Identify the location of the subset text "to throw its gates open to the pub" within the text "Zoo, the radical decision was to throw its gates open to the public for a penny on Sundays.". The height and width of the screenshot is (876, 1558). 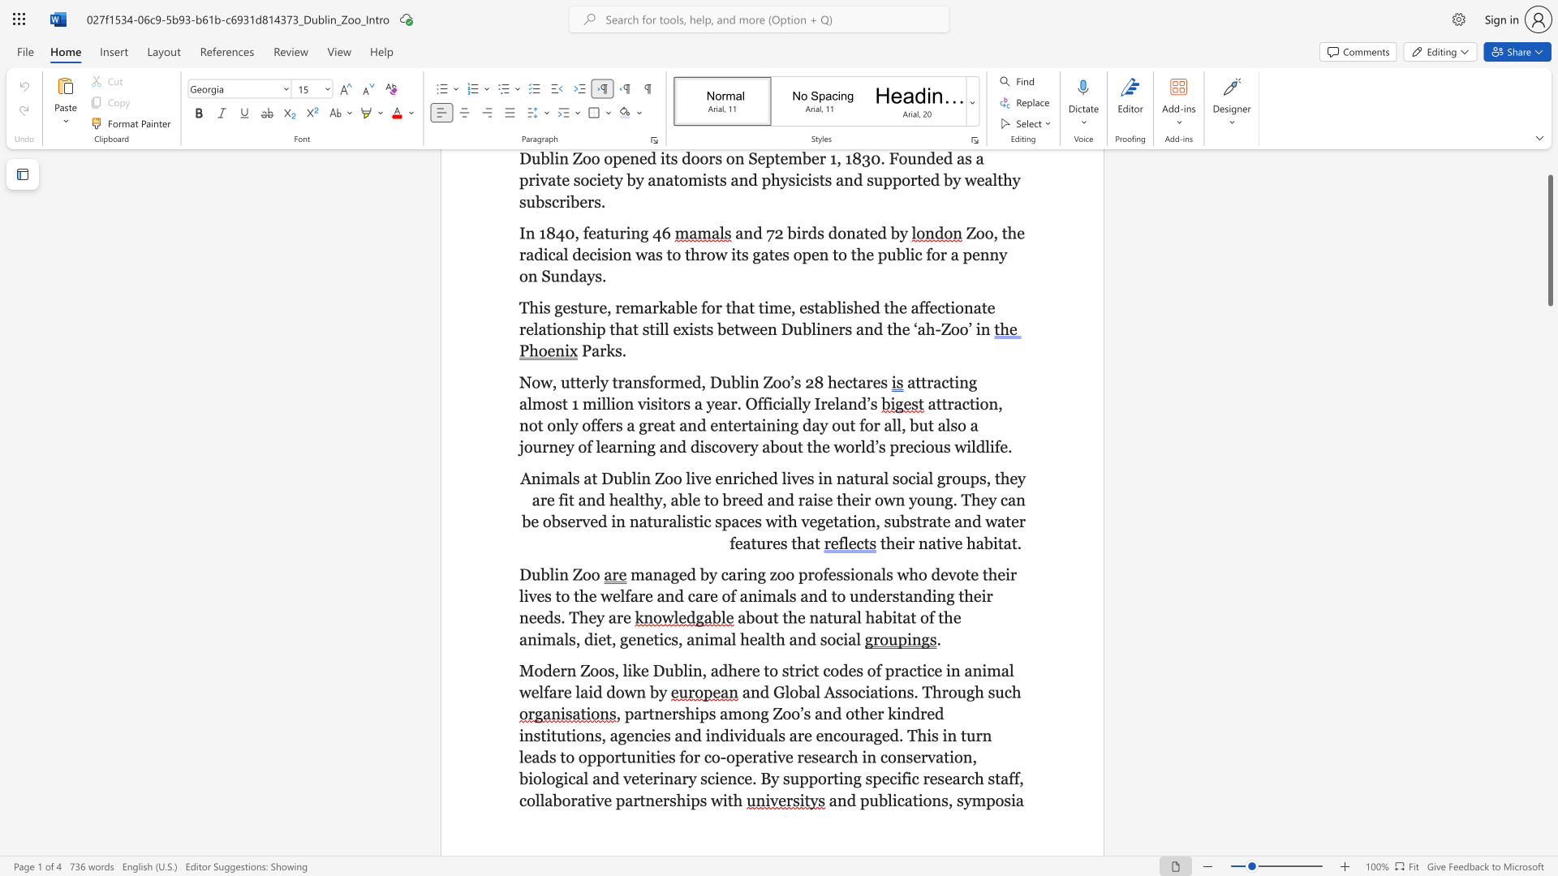
(666, 255).